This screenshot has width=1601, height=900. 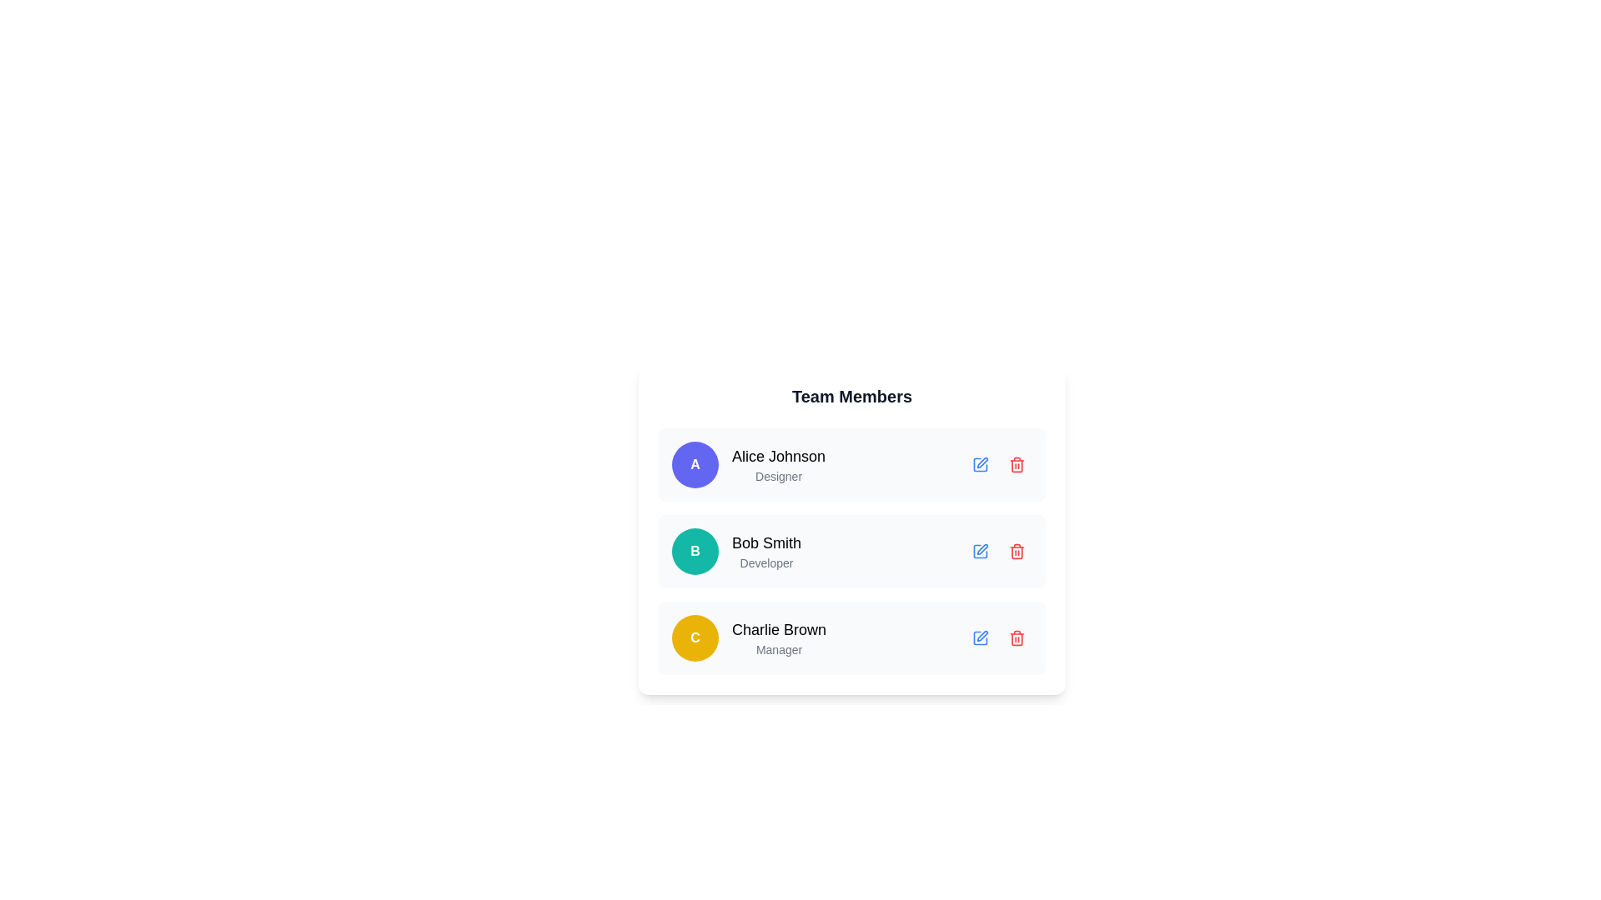 I want to click on the text label displaying 'Designer' located directly beneath 'Alice Johnson' in the team members list, so click(x=778, y=476).